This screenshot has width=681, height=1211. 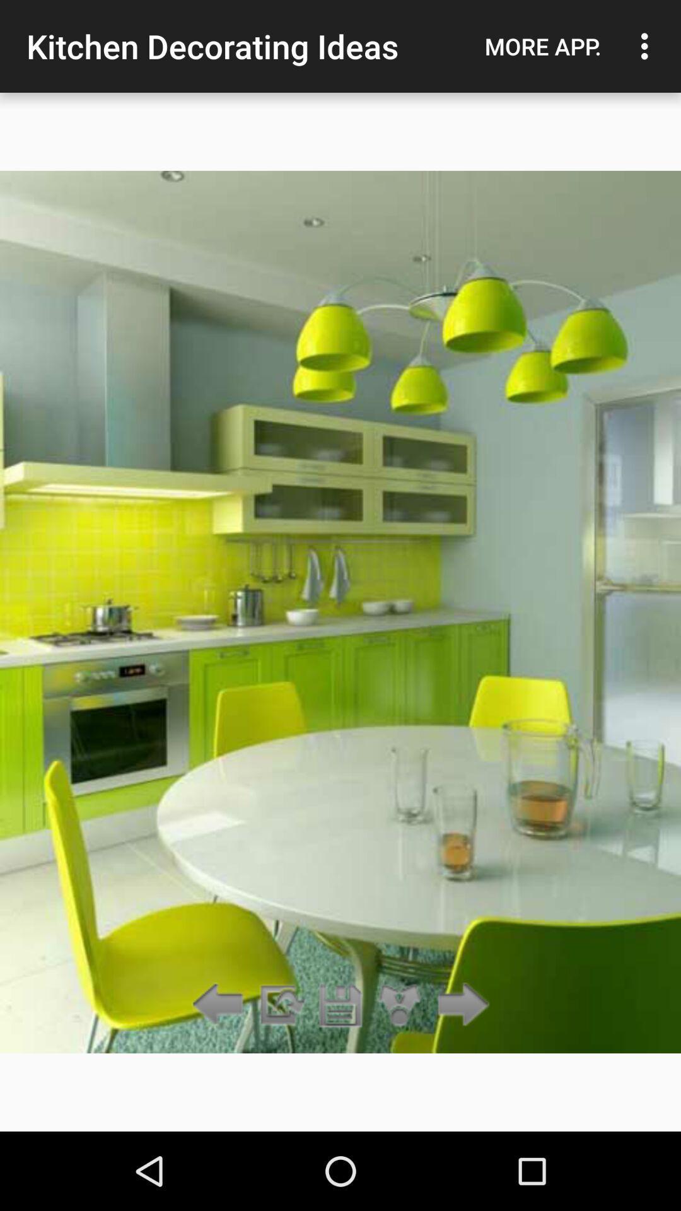 What do you see at coordinates (648, 46) in the screenshot?
I see `the item to the right of more app. item` at bounding box center [648, 46].